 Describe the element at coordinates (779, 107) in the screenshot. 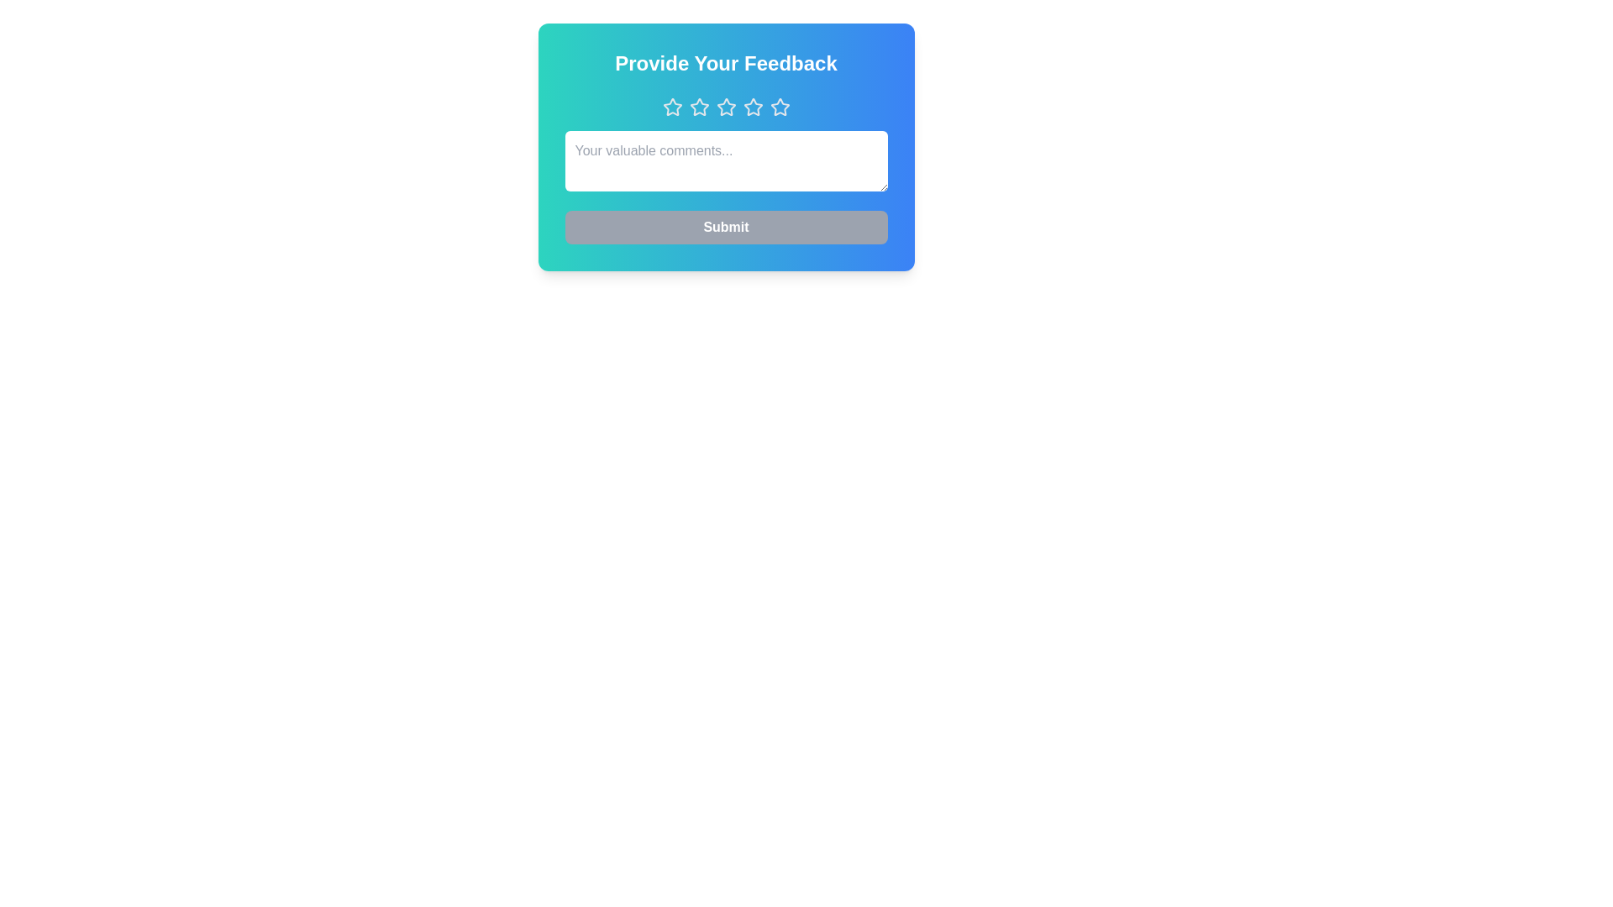

I see `the star button corresponding to the desired rating 5` at that location.